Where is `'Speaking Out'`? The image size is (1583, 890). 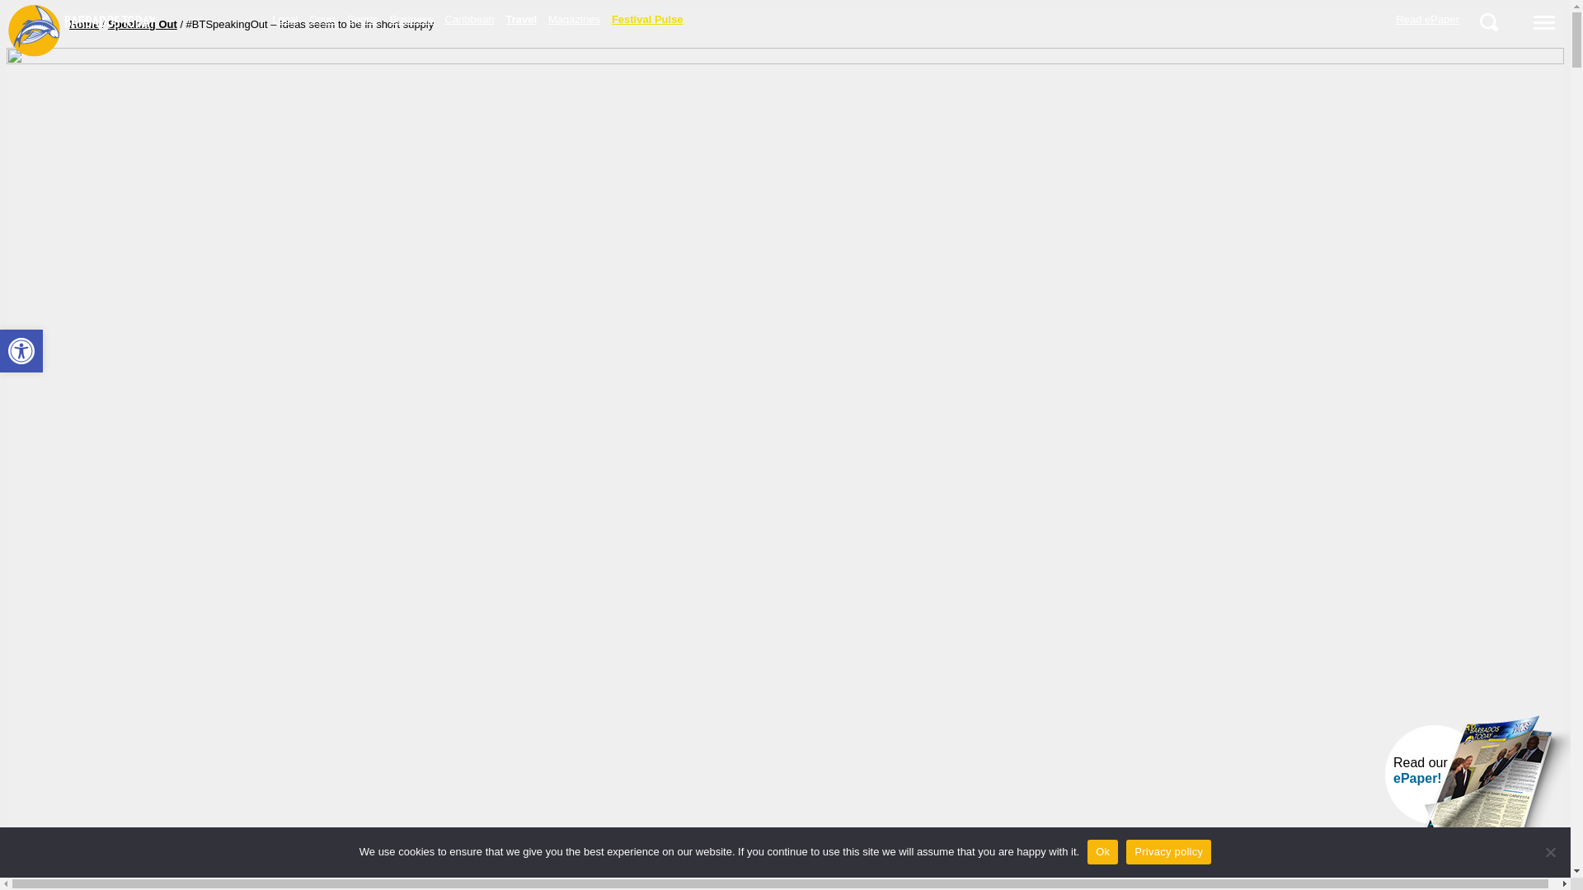 'Speaking Out' is located at coordinates (106, 24).